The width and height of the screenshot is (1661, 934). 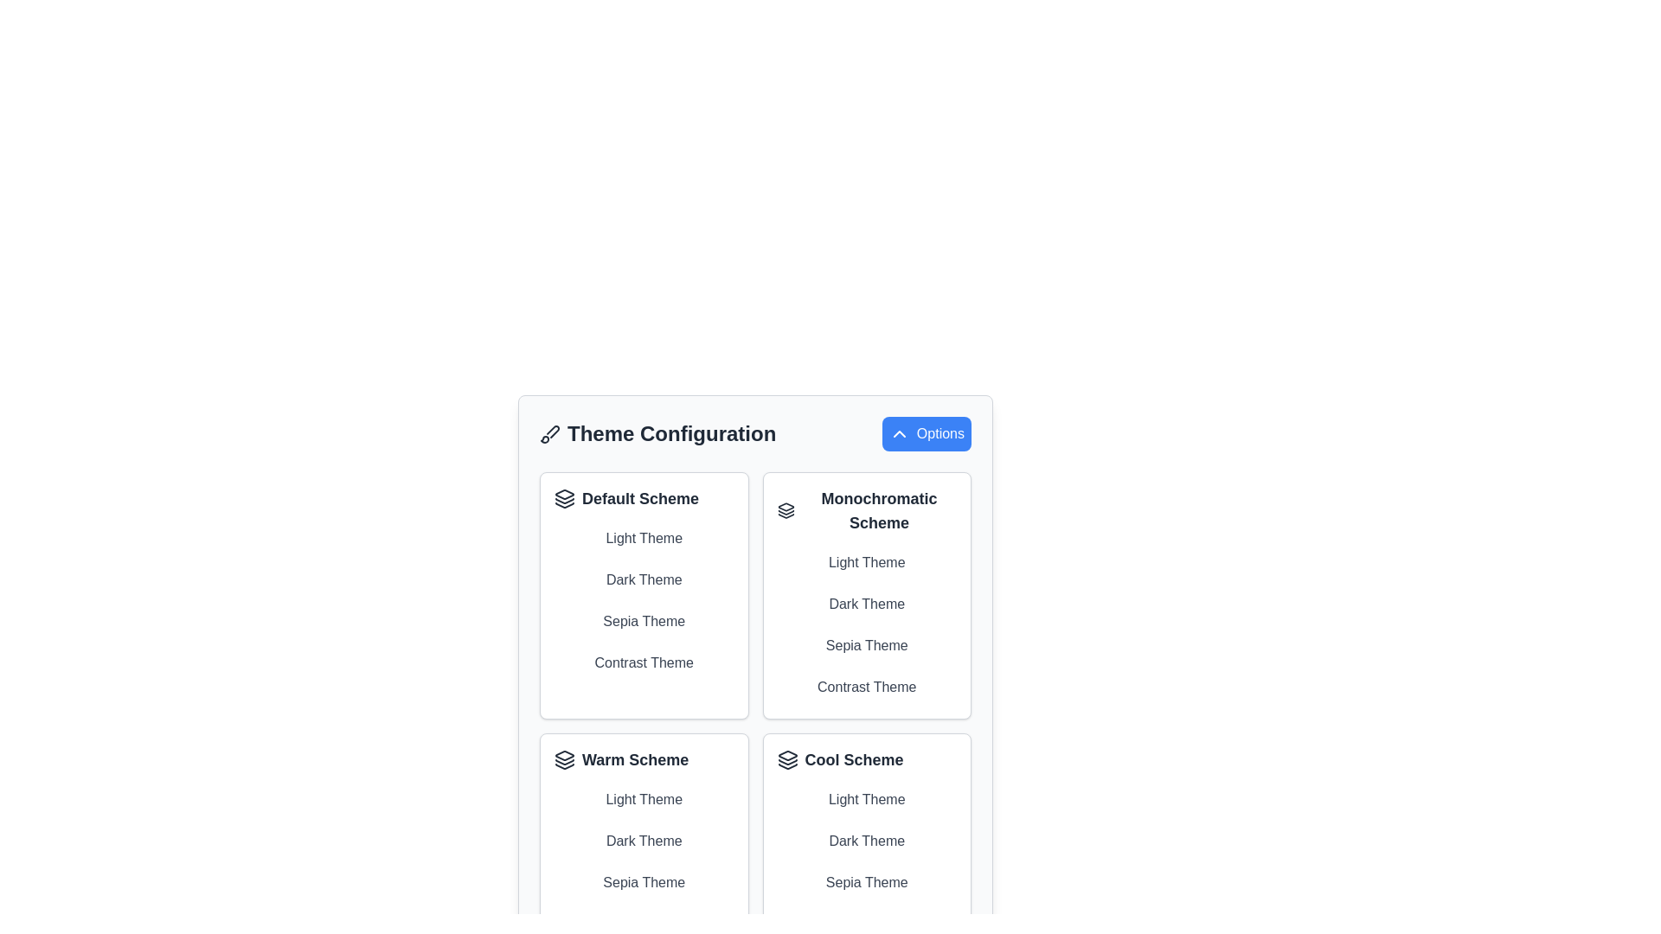 What do you see at coordinates (643, 759) in the screenshot?
I see `bold text 'Warm Scheme' in the second card on the lower-left side of the grid layout, which is accompanied by a layered icon on its left side` at bounding box center [643, 759].